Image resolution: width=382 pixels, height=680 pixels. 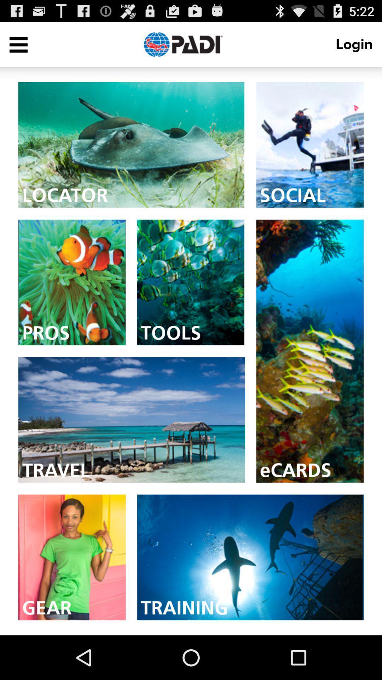 I want to click on social, so click(x=309, y=144).